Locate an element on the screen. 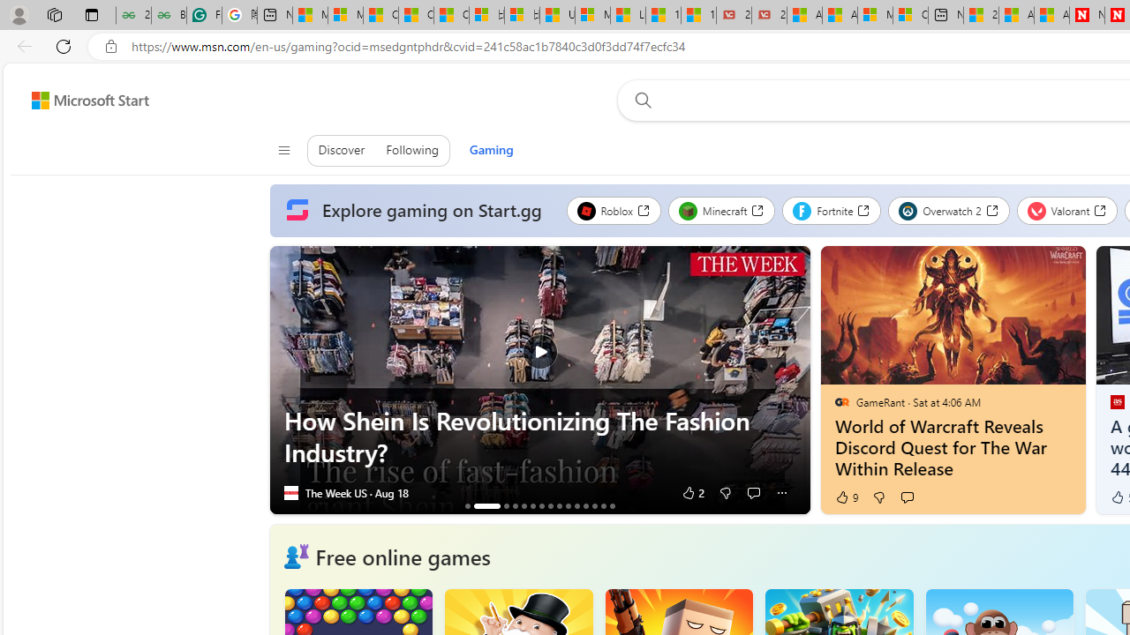  'The Week US' is located at coordinates (290, 493).